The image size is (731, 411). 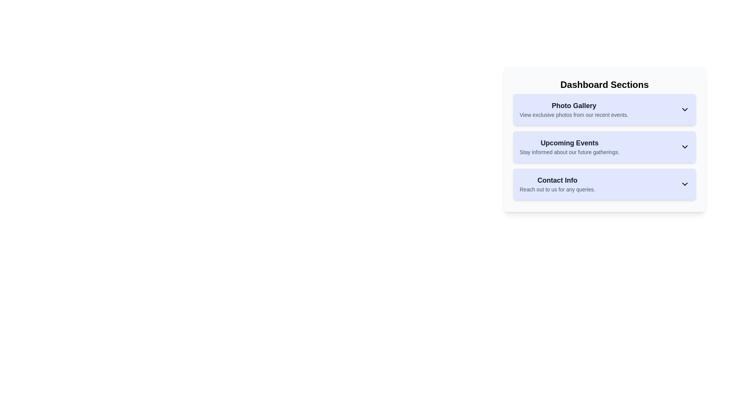 I want to click on the downward-pointing chevron icon located to the right of the text 'Stay informed about our future gatherings.' in the 'Upcoming Events' section, so click(x=685, y=147).